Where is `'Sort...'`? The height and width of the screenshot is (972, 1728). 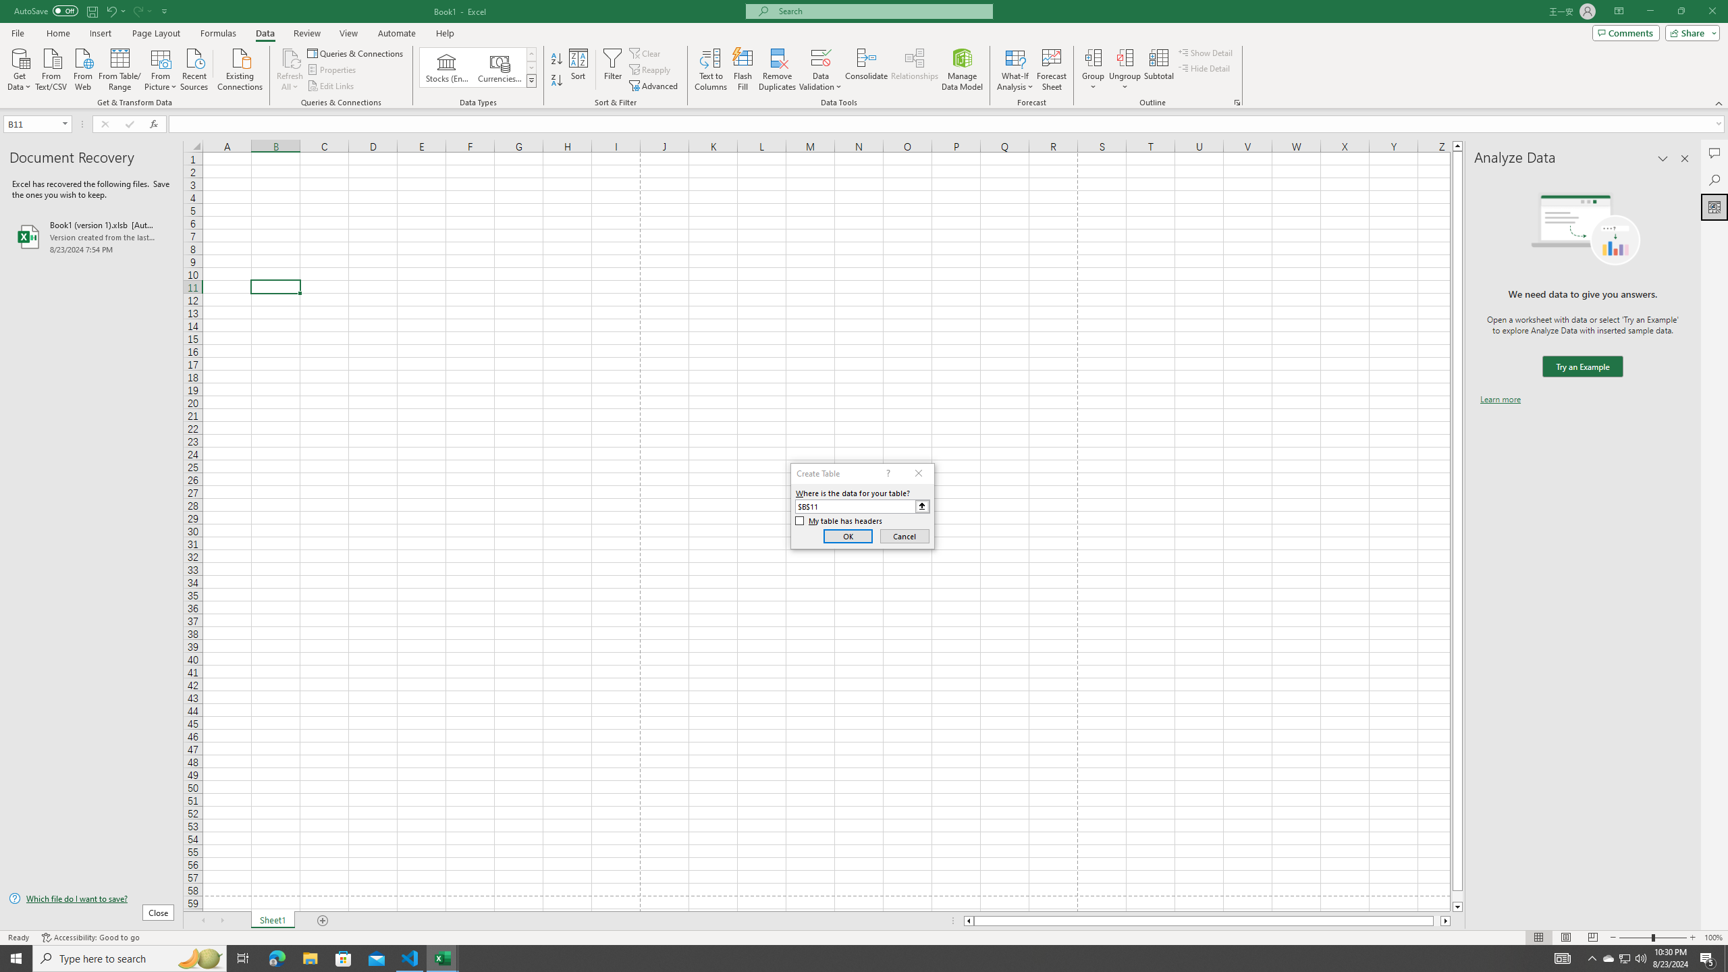
'Sort...' is located at coordinates (578, 70).